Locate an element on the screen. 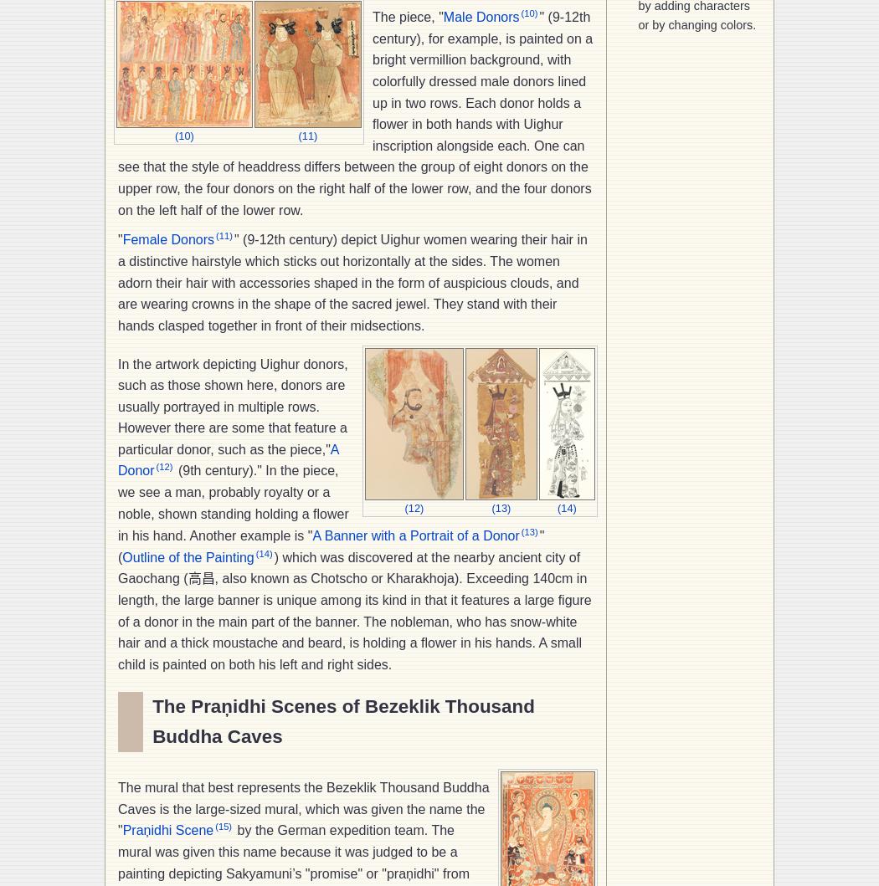 The width and height of the screenshot is (879, 886). 'A Donor' is located at coordinates (117, 458).